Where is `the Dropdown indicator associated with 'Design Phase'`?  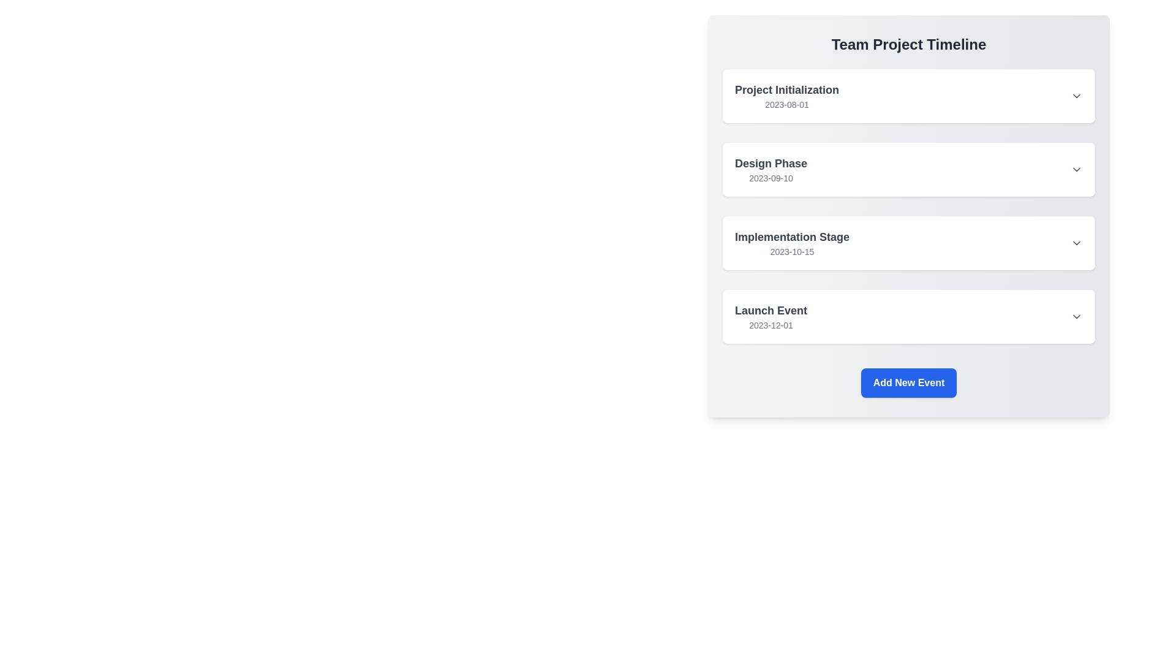 the Dropdown indicator associated with 'Design Phase' is located at coordinates (1076, 170).